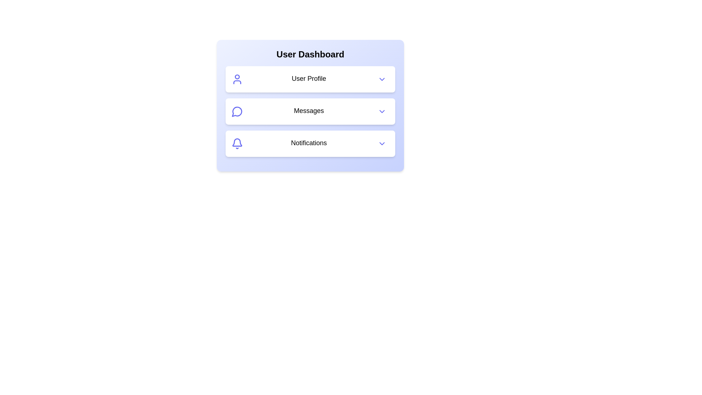  What do you see at coordinates (237, 79) in the screenshot?
I see `the icon corresponding to User Profile` at bounding box center [237, 79].